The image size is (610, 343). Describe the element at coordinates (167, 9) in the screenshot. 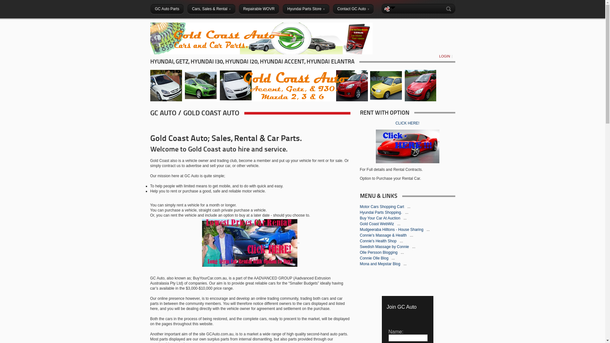

I see `'GC Auto Parts'` at that location.